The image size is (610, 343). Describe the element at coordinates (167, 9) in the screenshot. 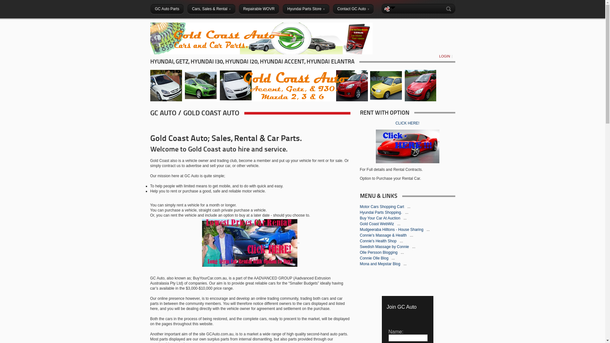

I see `'GC Auto Parts'` at that location.